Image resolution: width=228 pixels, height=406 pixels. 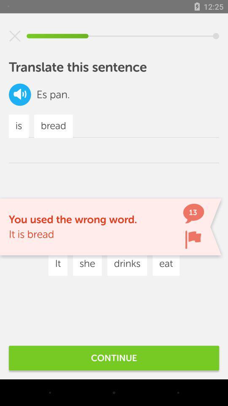 I want to click on the icon to the left of the es item, so click(x=20, y=94).